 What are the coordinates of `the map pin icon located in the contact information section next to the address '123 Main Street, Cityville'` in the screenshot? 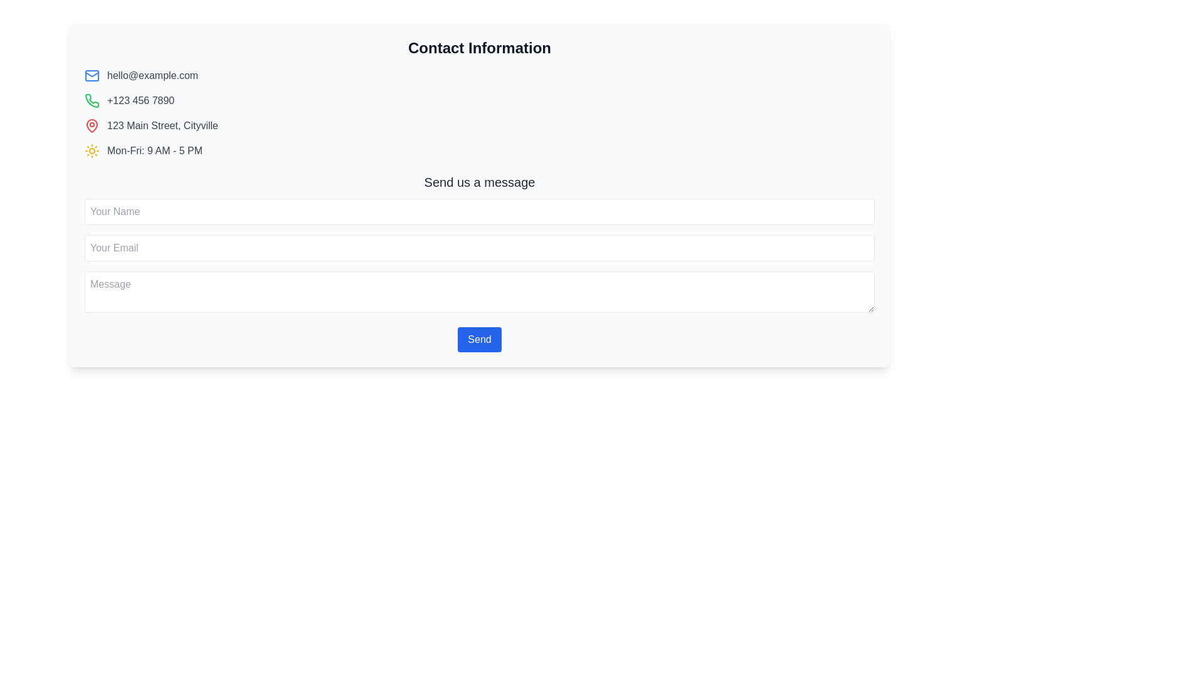 It's located at (92, 125).